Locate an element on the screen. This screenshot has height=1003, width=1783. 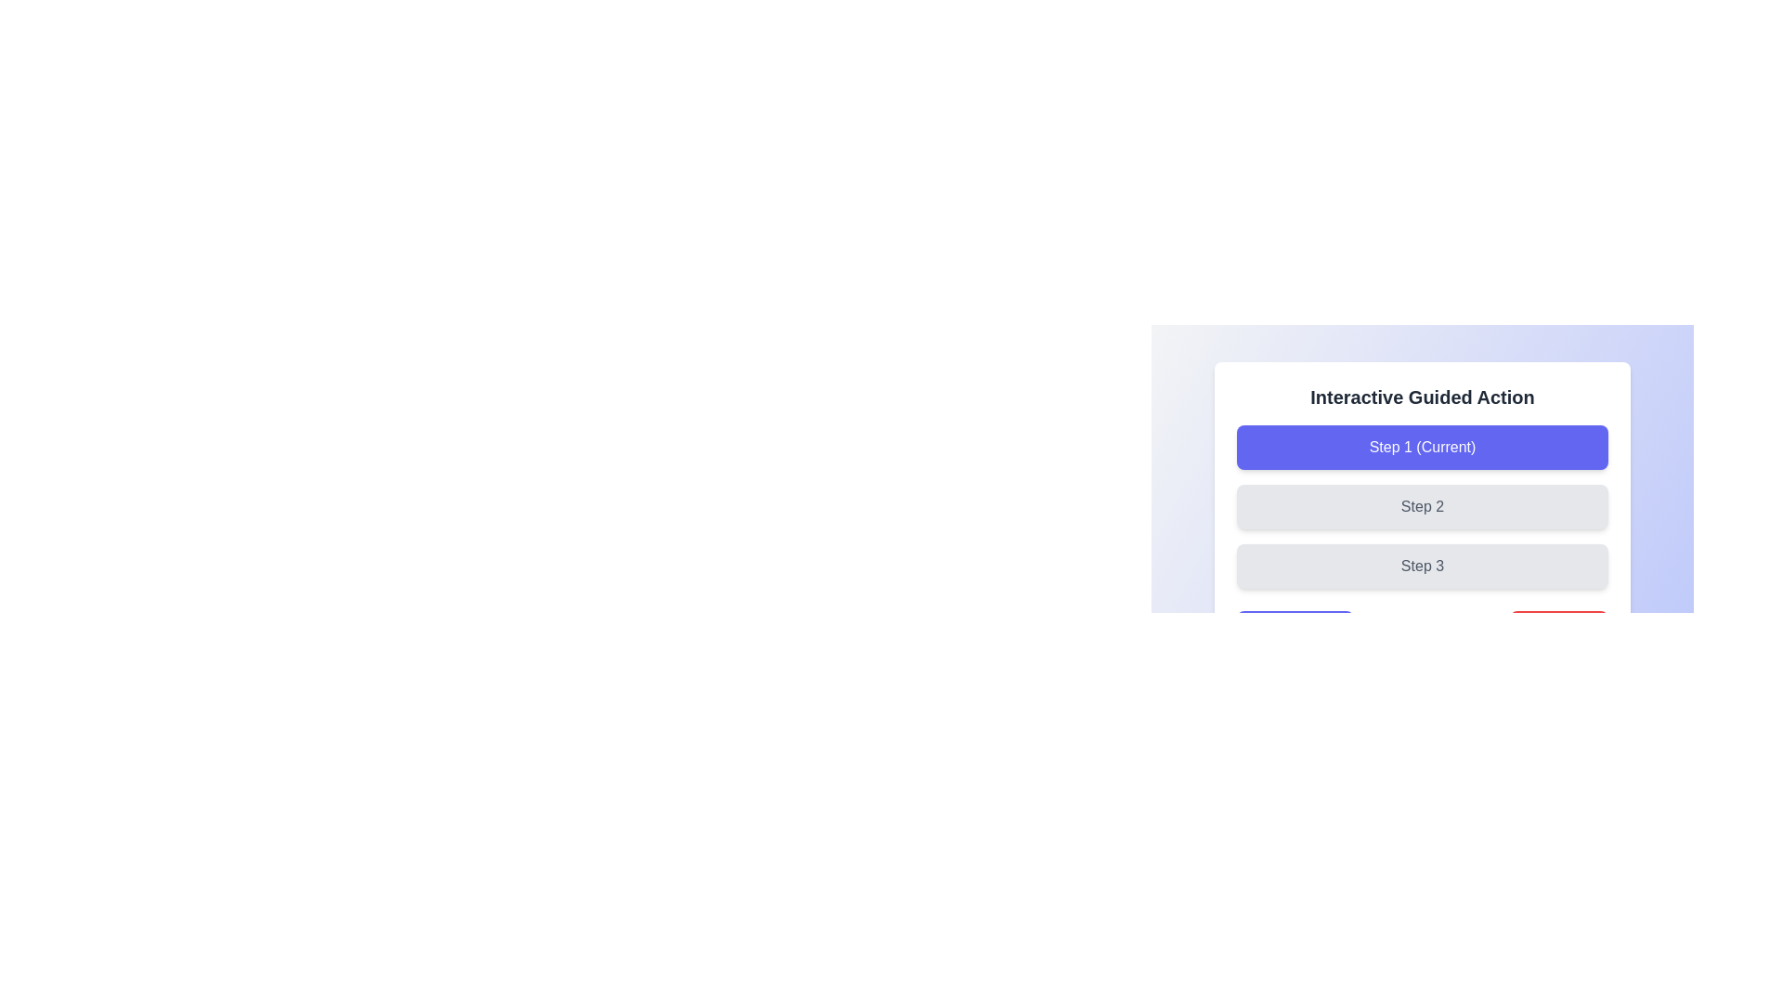
the first step indicator in the multi-step process, which visually marks the active step and is styled as a non-interactive label or button-like component is located at coordinates (1421, 448).